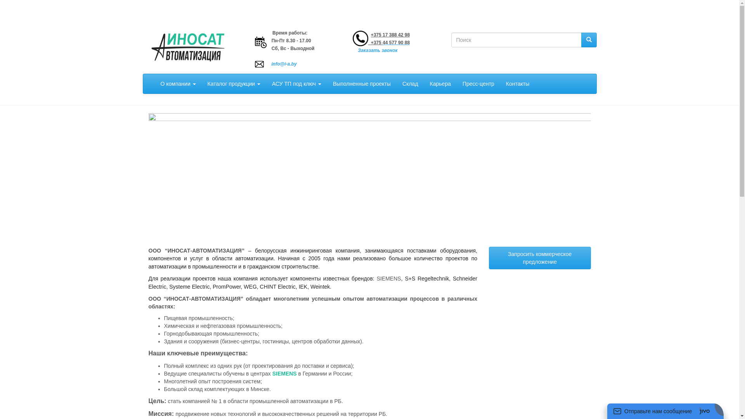  Describe the element at coordinates (376, 43) in the screenshot. I see `'+375 '` at that location.